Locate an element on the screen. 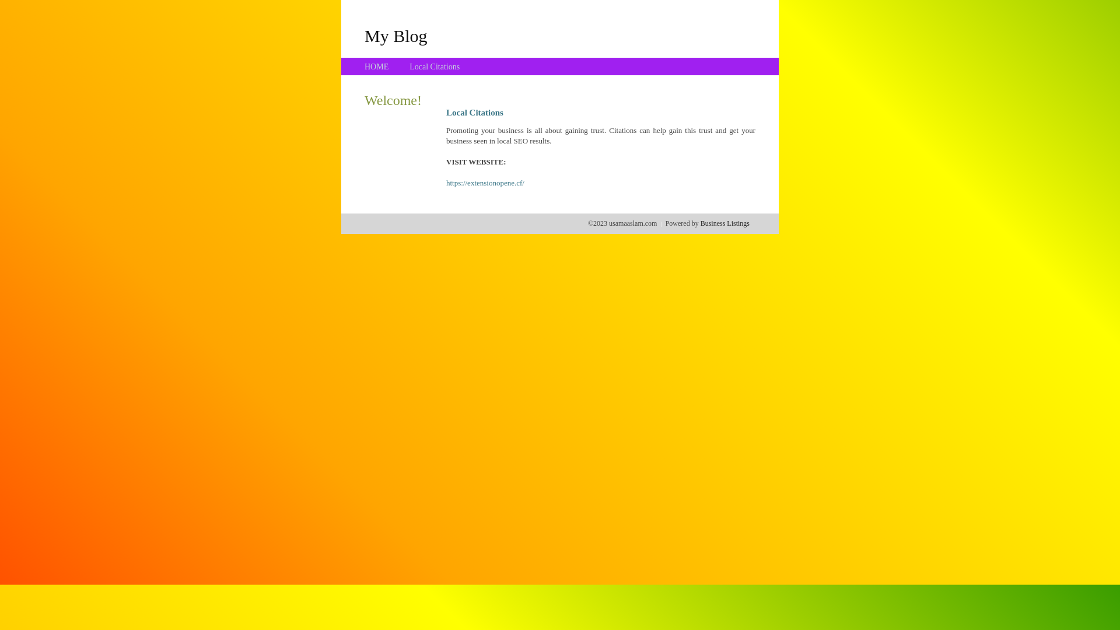 This screenshot has width=1120, height=630. 'https://extensionopene.cf/' is located at coordinates (485, 183).